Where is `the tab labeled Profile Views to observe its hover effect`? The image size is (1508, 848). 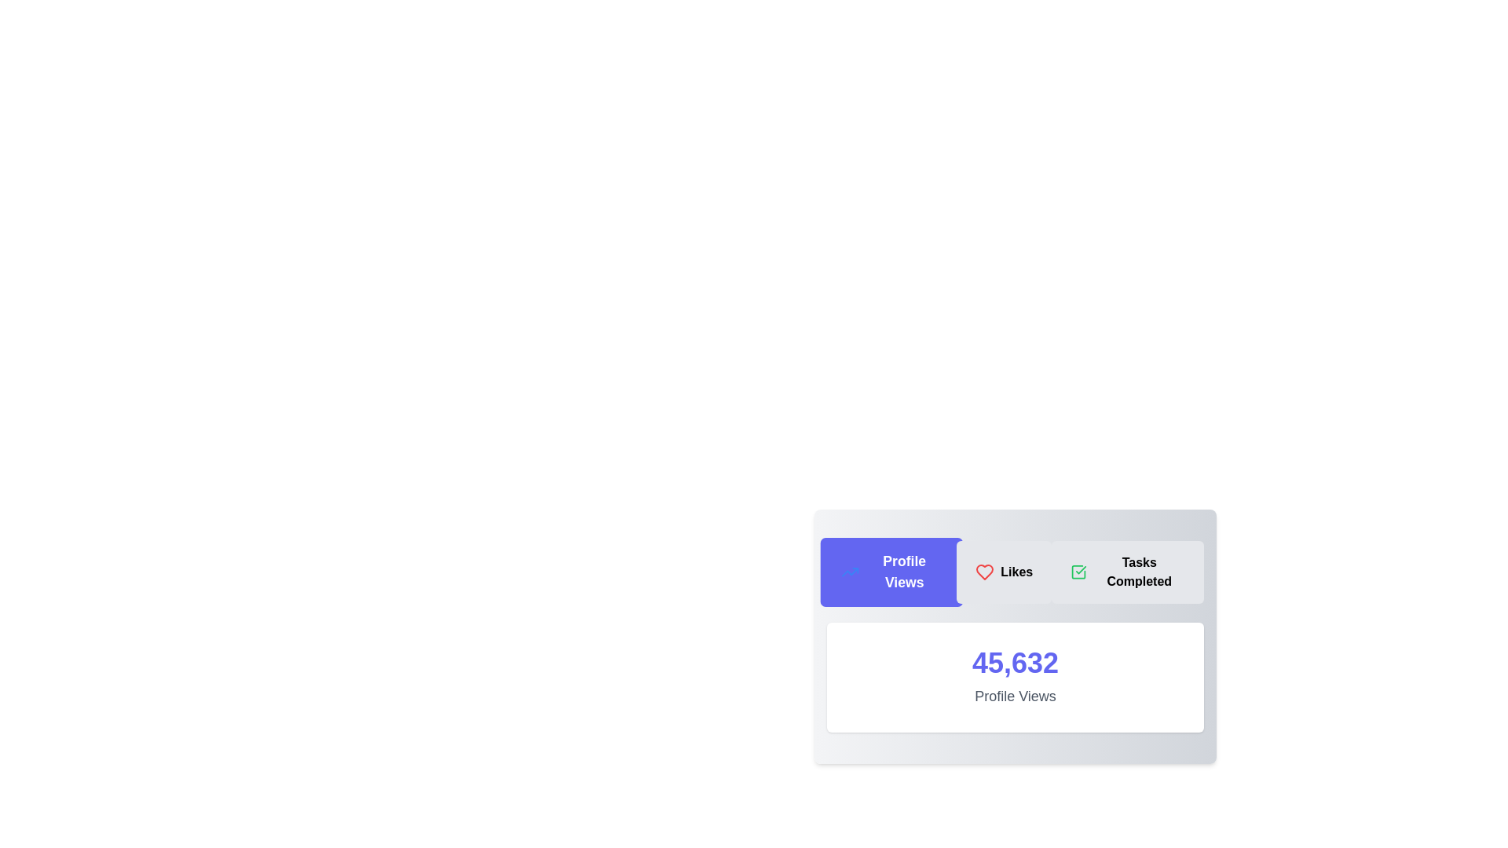
the tab labeled Profile Views to observe its hover effect is located at coordinates (891, 572).